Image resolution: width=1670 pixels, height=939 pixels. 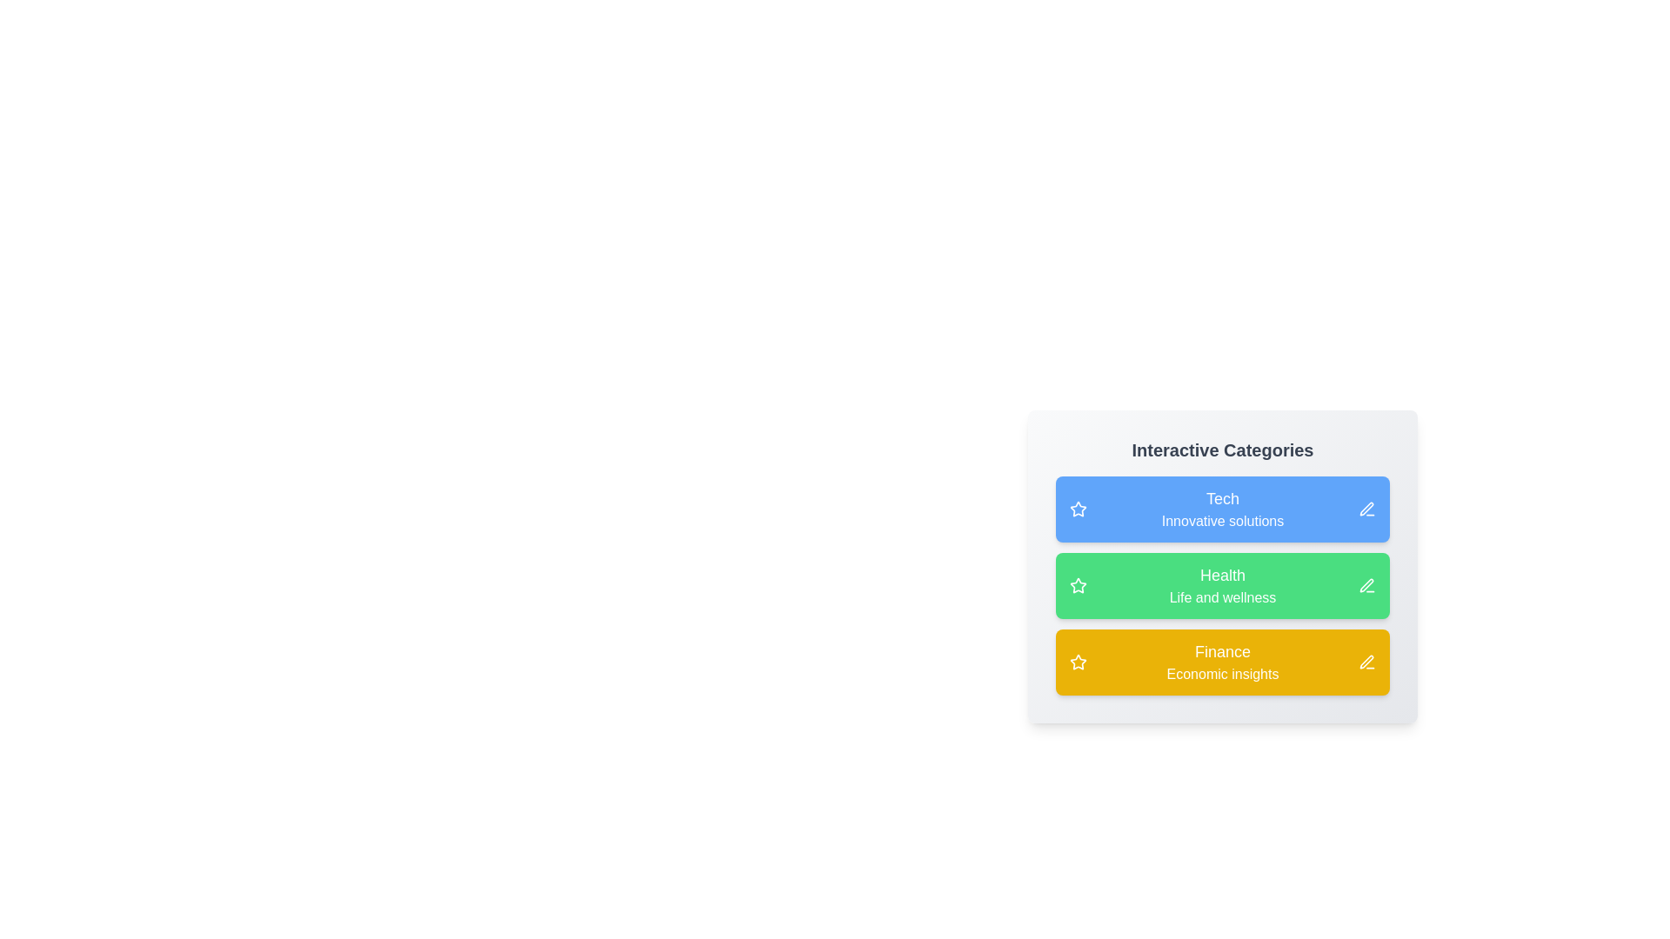 What do you see at coordinates (1077, 509) in the screenshot?
I see `star icon next to the category Tech` at bounding box center [1077, 509].